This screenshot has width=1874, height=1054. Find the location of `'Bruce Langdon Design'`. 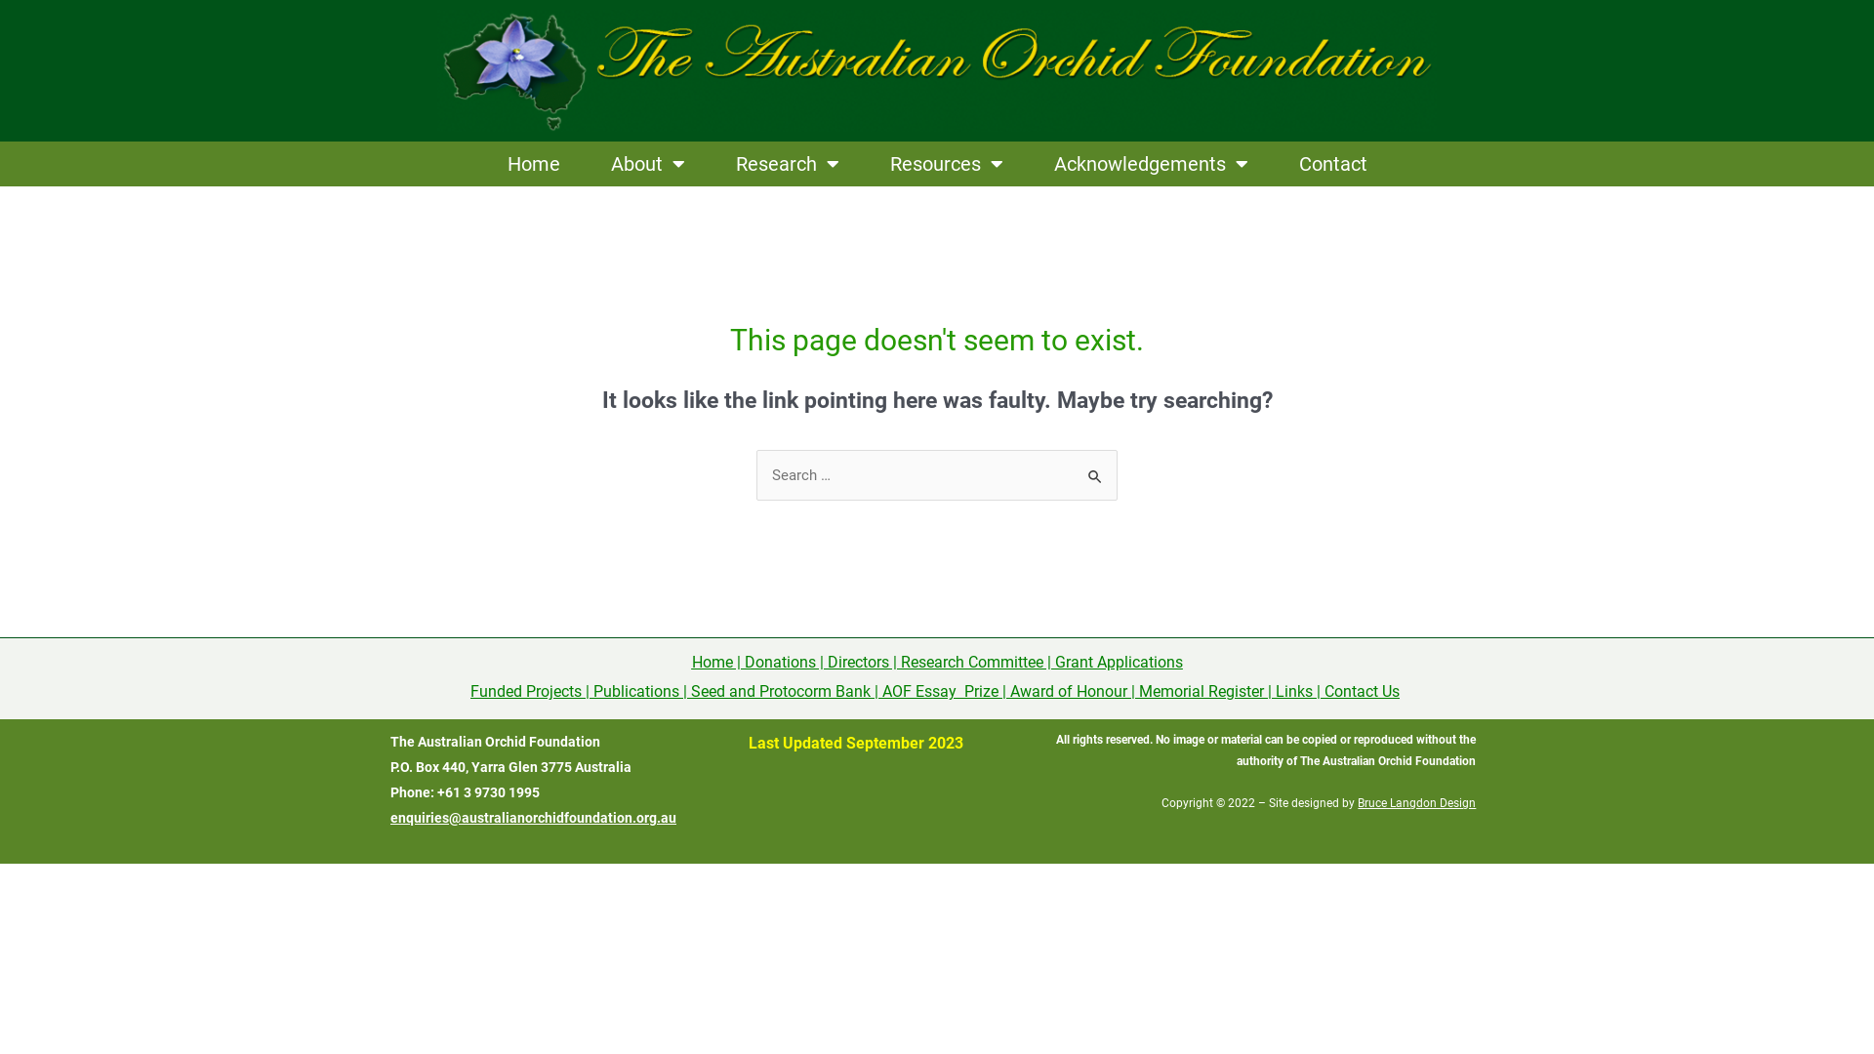

'Bruce Langdon Design' is located at coordinates (1416, 802).